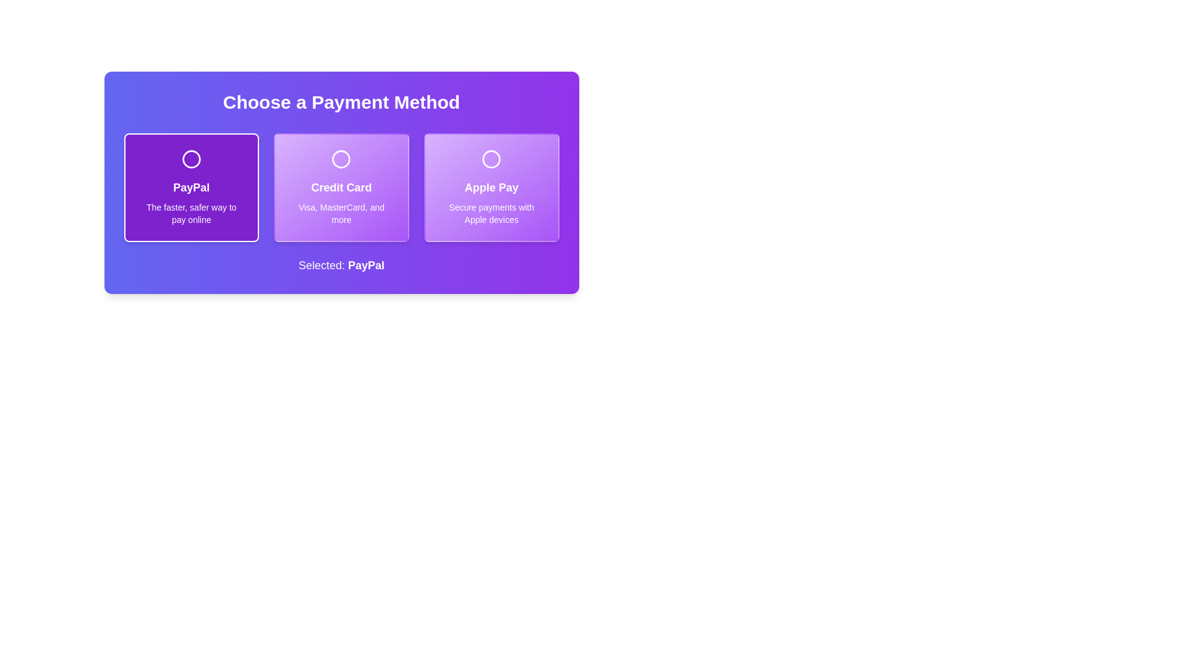 The image size is (1187, 667). I want to click on the 'Credit Card' text label, which is a bold, center-aligned label on a gradient background, positioned centrally within a button-like card in a three-option layout, so click(341, 188).